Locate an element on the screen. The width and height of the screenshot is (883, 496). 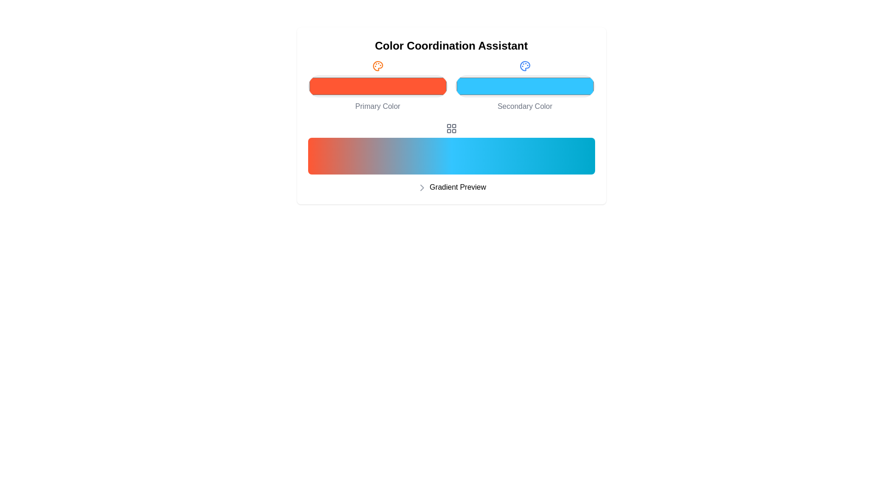
small blue color palette icon located above the 'Secondary Color' label in the user interface is located at coordinates (525, 65).